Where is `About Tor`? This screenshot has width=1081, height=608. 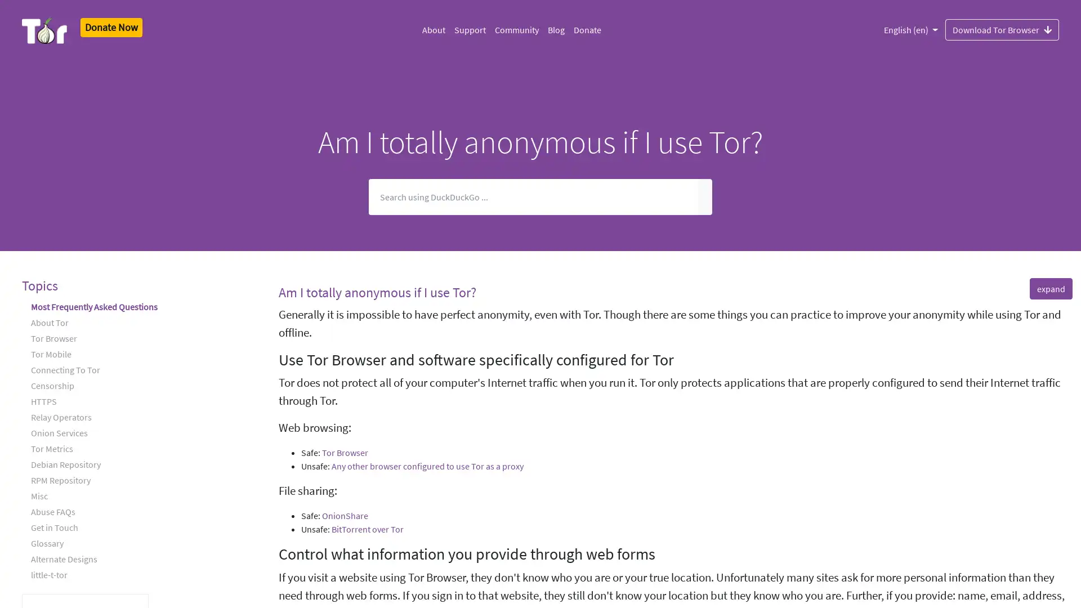
About Tor is located at coordinates (139, 321).